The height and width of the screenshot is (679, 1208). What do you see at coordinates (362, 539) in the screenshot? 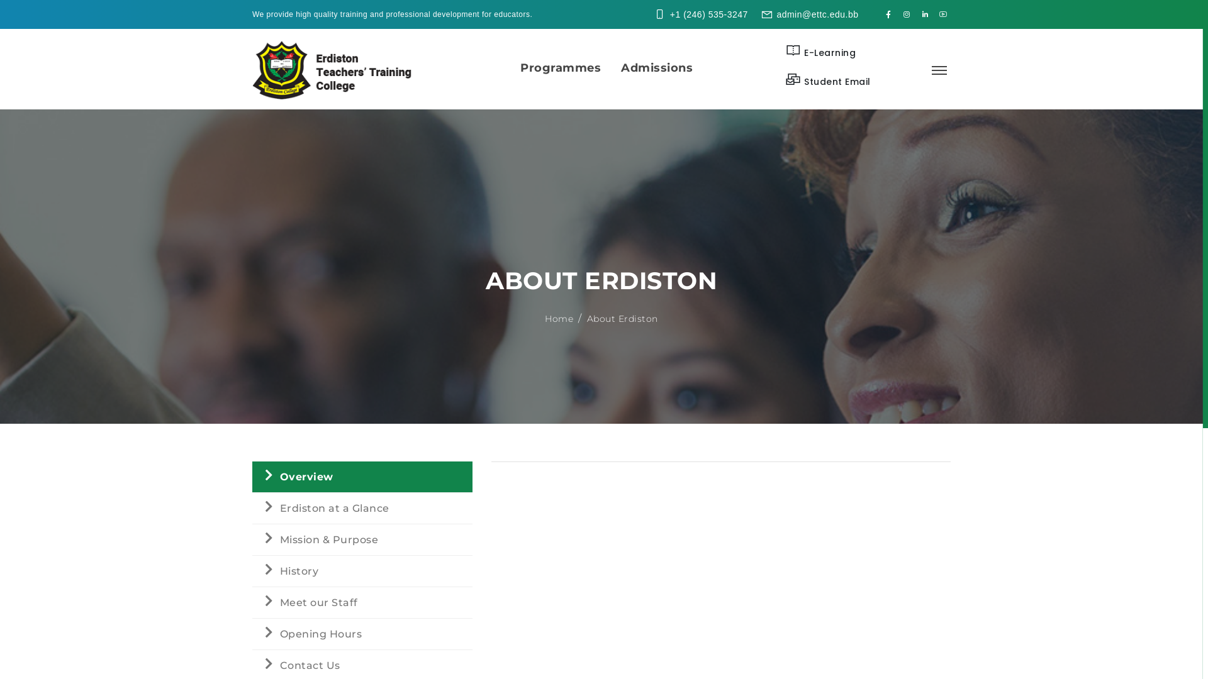
I see `'Mission & Purpose'` at bounding box center [362, 539].